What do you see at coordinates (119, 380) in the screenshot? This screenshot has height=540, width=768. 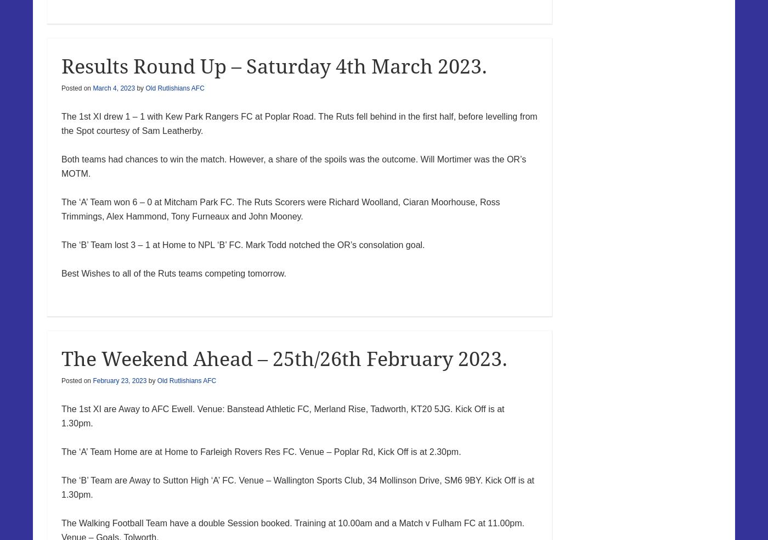 I see `'February 23, 2023'` at bounding box center [119, 380].